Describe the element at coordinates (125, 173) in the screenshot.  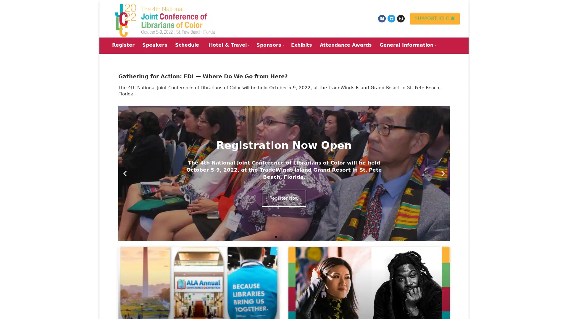
I see `Previous slide` at that location.